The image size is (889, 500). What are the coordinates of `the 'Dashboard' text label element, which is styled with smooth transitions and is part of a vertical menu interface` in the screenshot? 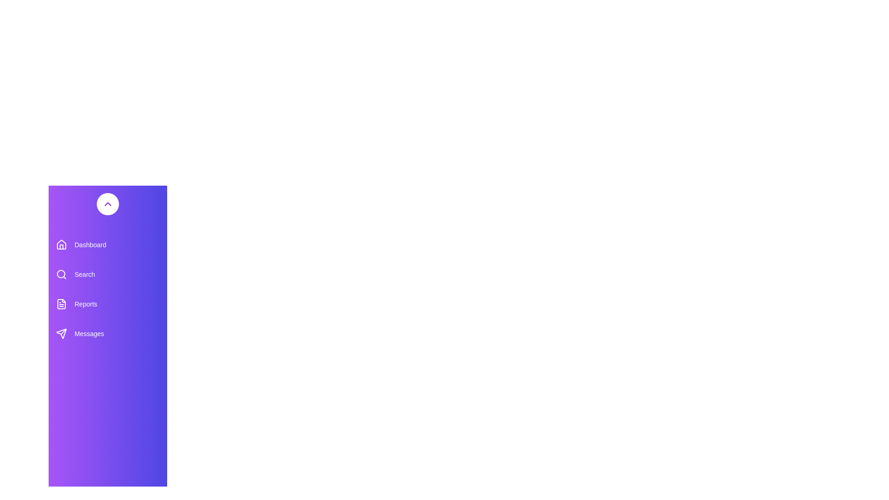 It's located at (90, 244).